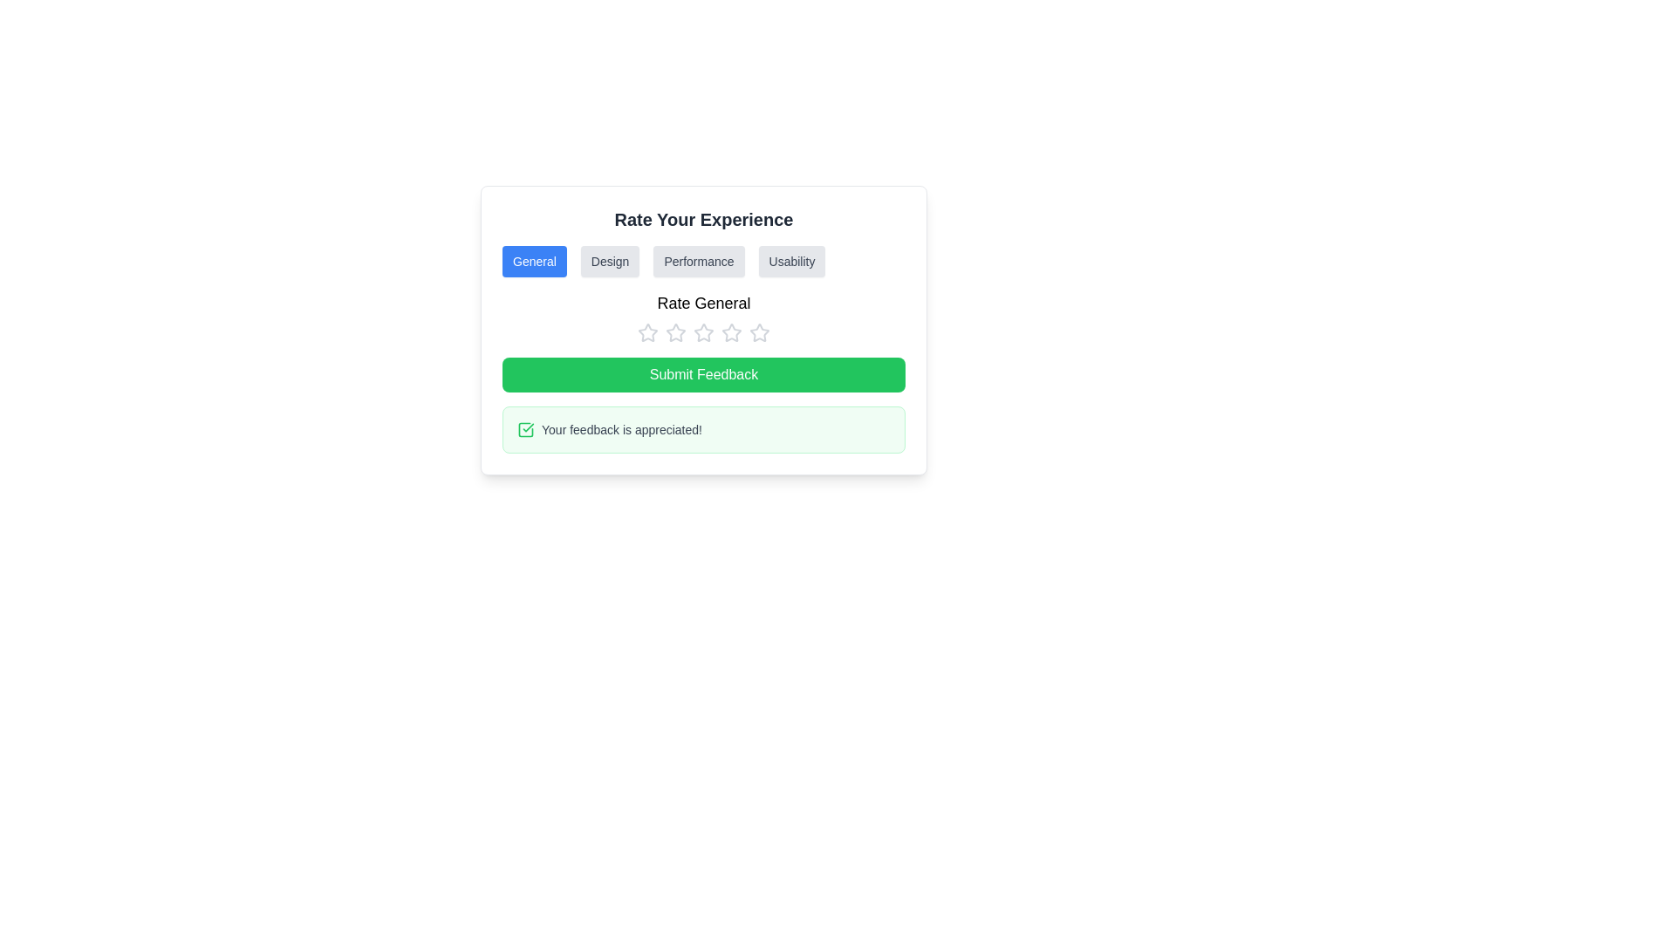  Describe the element at coordinates (759, 332) in the screenshot. I see `the fifth star icon used for rating under the text 'Rate General'` at that location.